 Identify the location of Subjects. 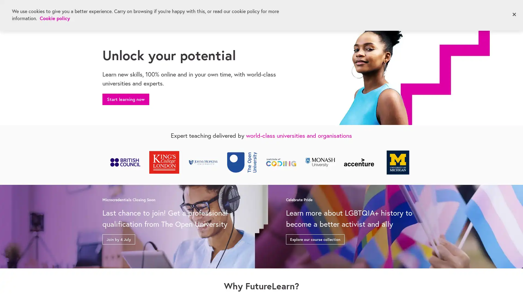
(116, 13).